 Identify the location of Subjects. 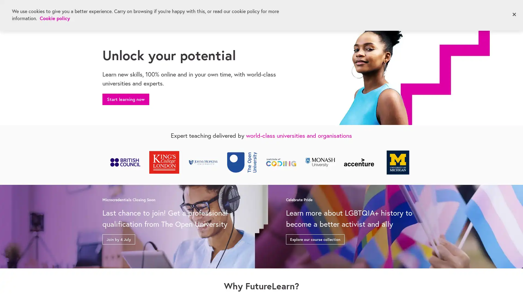
(116, 13).